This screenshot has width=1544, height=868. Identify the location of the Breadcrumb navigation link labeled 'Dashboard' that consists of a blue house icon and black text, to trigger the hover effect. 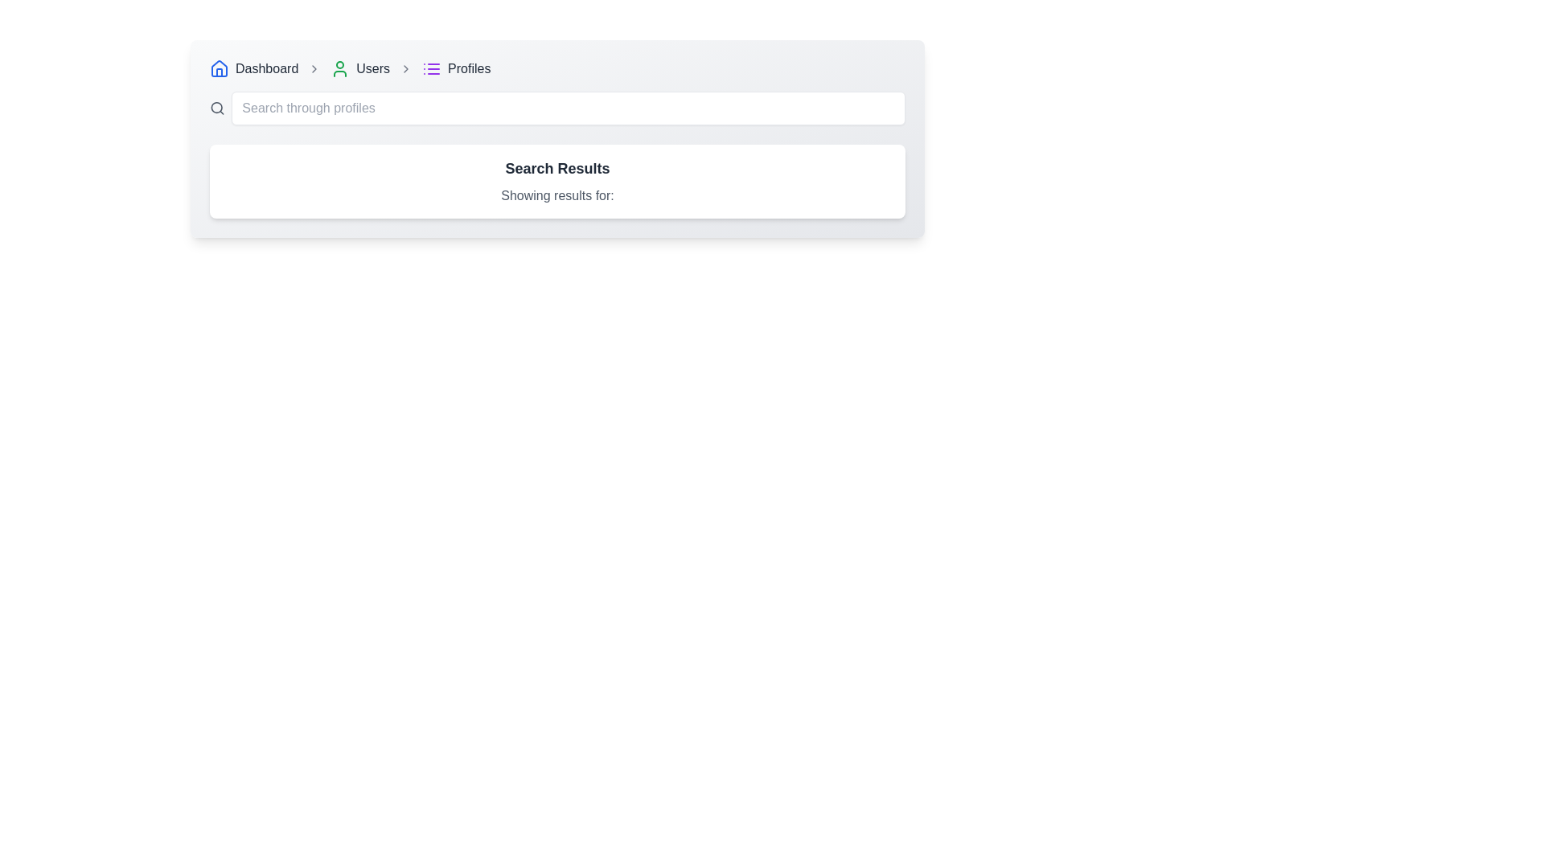
(253, 68).